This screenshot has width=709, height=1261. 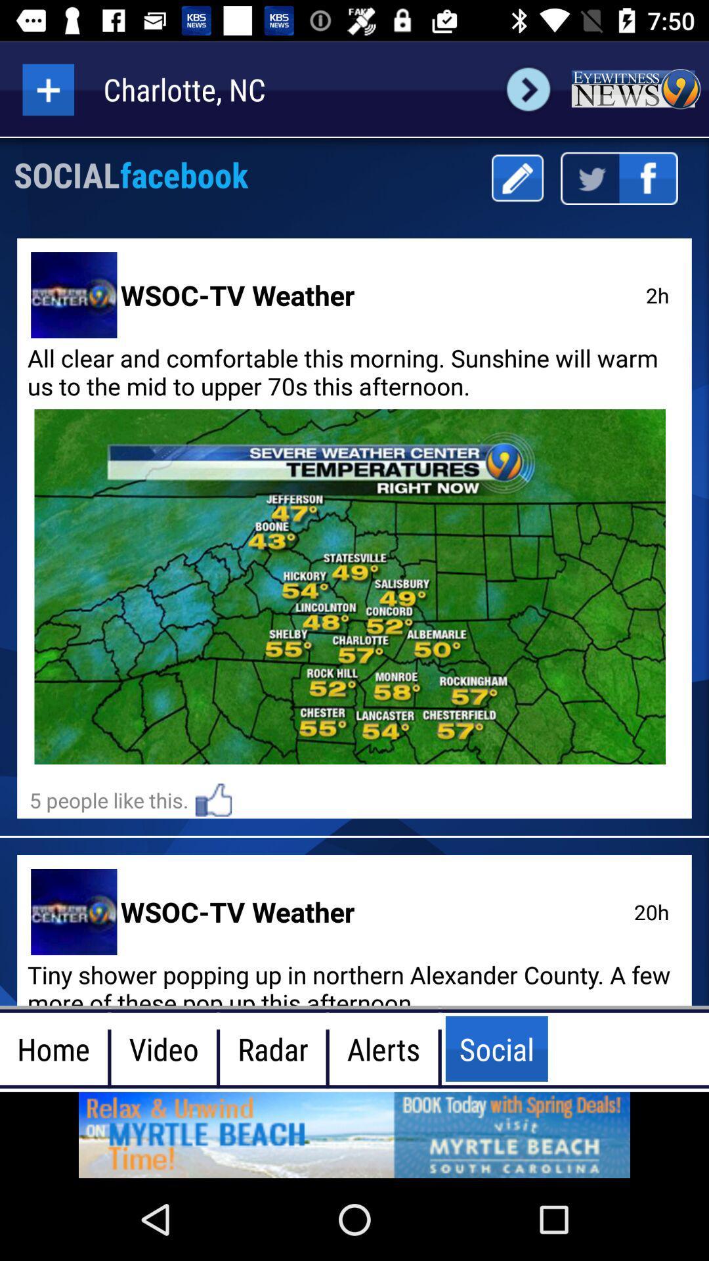 I want to click on the arrow_forward icon, so click(x=528, y=89).